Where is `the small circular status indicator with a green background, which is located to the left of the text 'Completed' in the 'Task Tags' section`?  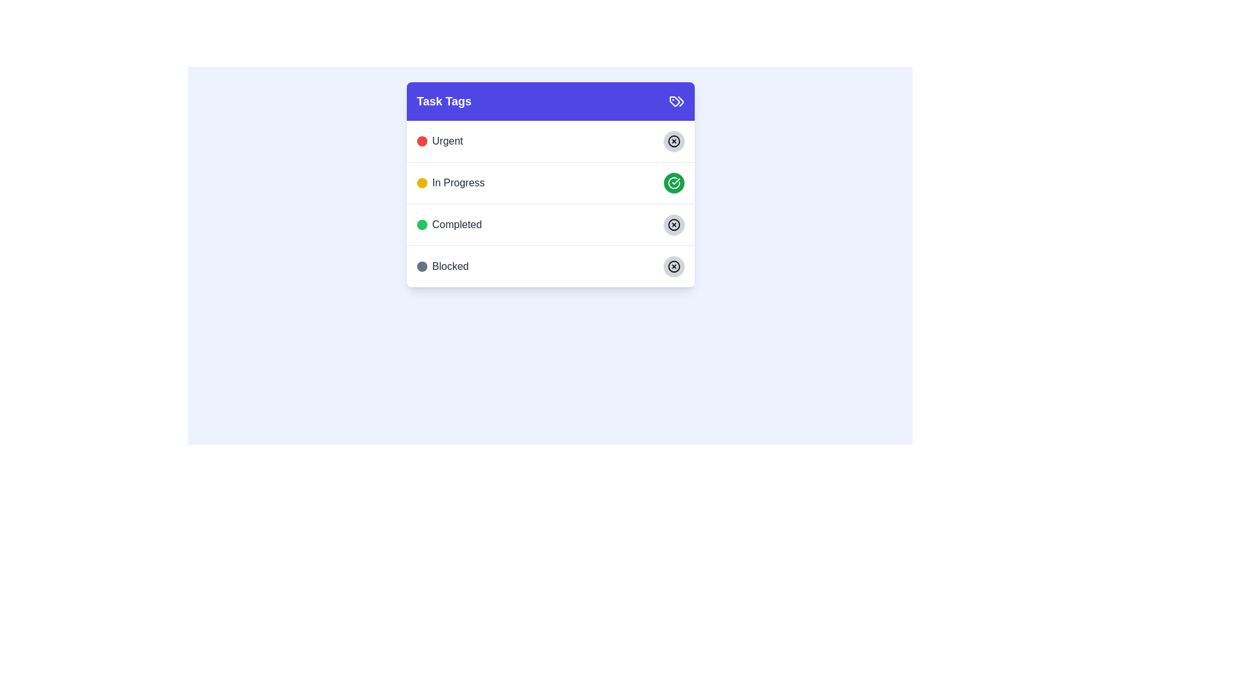 the small circular status indicator with a green background, which is located to the left of the text 'Completed' in the 'Task Tags' section is located at coordinates (422, 224).